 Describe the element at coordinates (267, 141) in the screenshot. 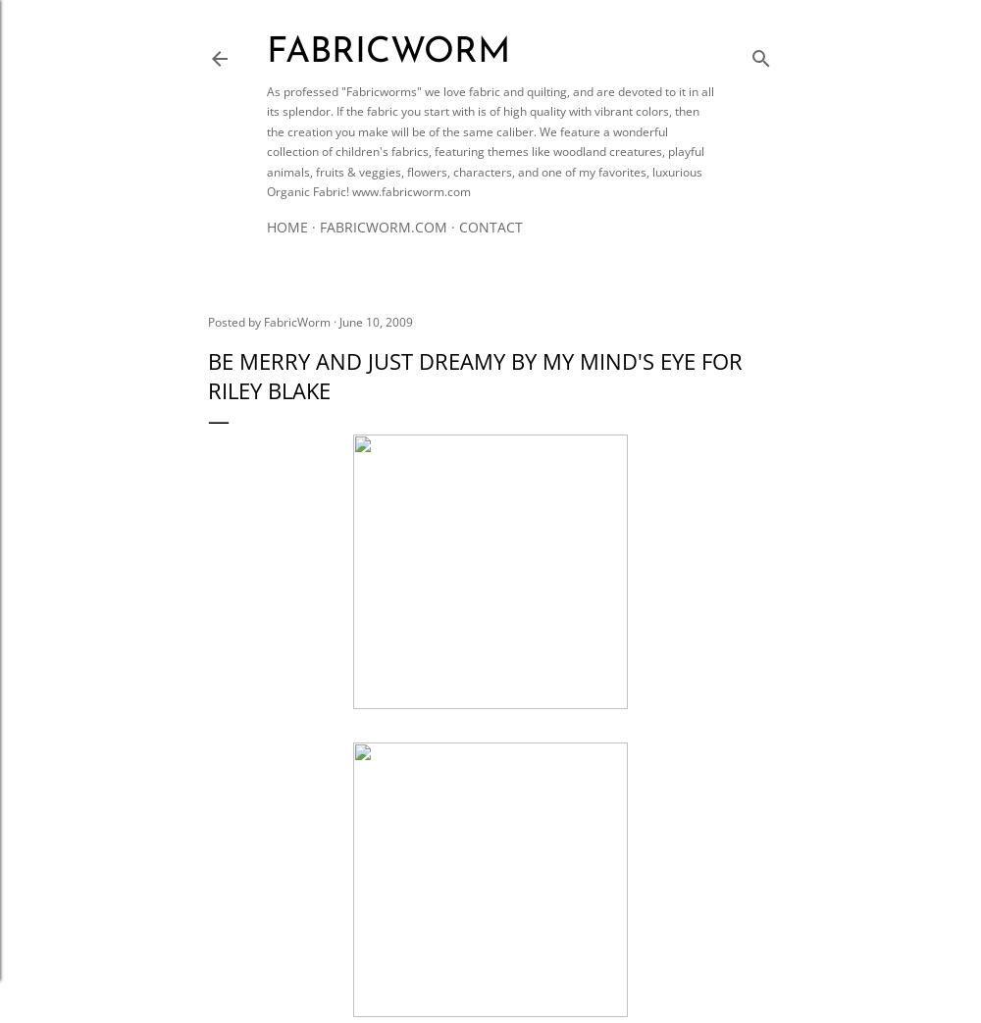

I see `'As professed "Fabricworms" we love fabric and quilting, and are devoted to it in all its splendor. If the fabric you start with is of high quality with vibrant colors, then the creation you make will be of the same caliber. We feature a wonderful collection of children's fabrics, featuring themes like woodland creatures, playful animals, fruits & veggies, flowers, characters, and one of my favorites, luxurious Organic Fabric!

www.fabricworm.com'` at that location.